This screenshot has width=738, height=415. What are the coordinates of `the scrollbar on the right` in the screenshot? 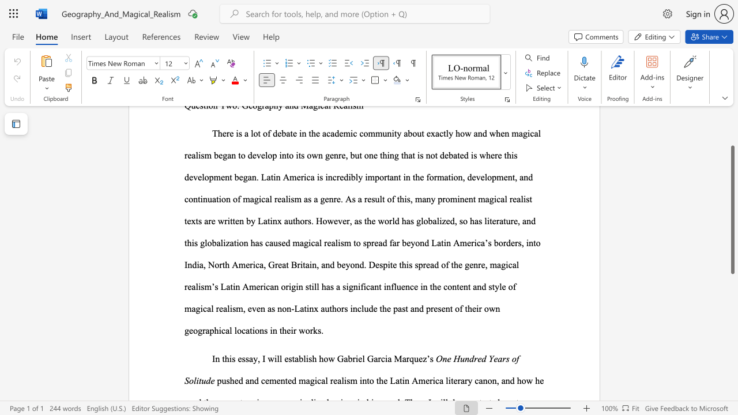 It's located at (732, 386).